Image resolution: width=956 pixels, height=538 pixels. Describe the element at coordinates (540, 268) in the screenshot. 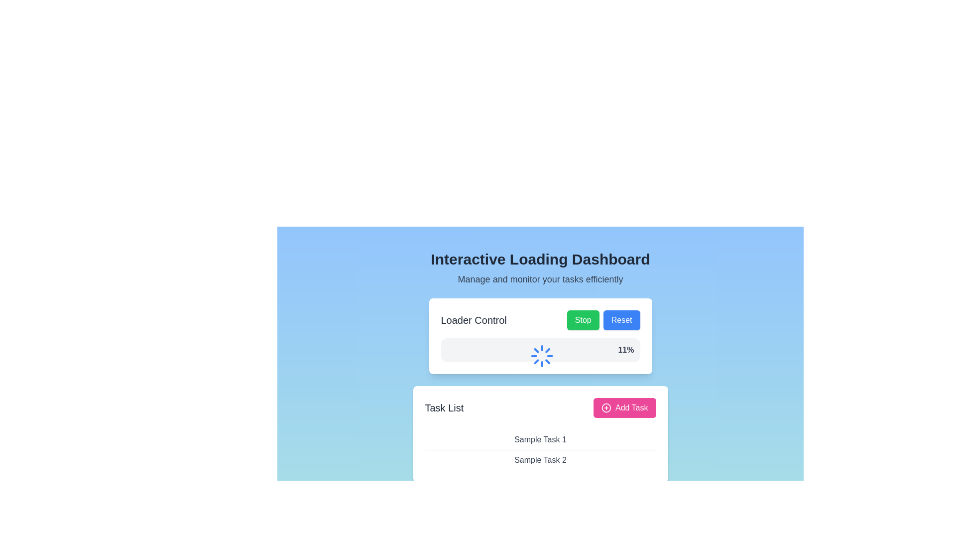

I see `the Header with the subtitle text that displays 'Interactive Loading Dashboard' and 'Manage and monitor your tasks efficiently' centered on a blue gradient background` at that location.